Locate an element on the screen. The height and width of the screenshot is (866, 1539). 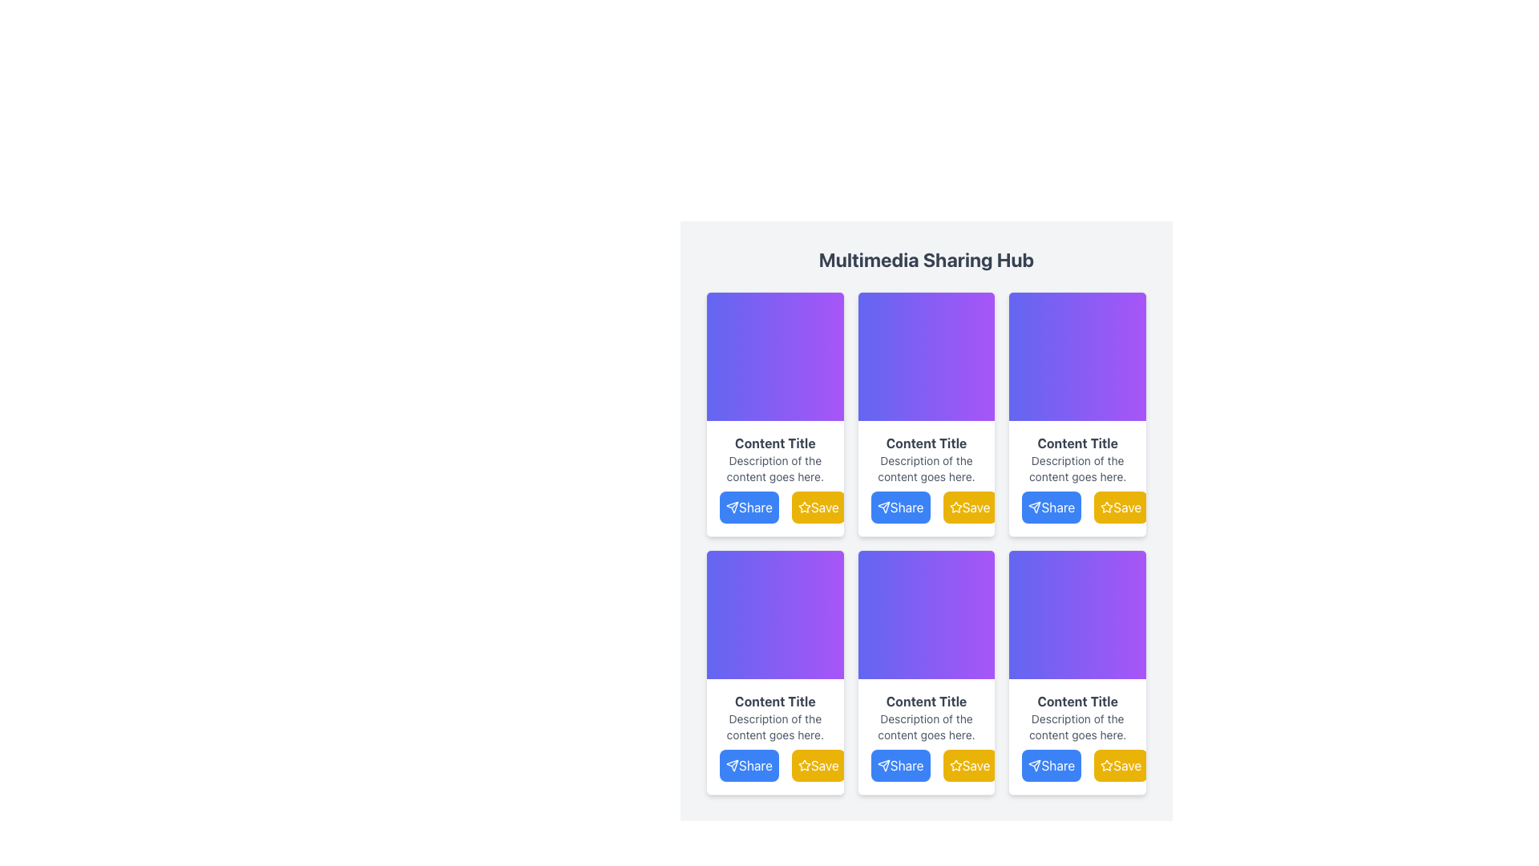
the star icon located to the right of the 'Share' button in the 'Save' button area of the second card in the first row of the grid layout to rate or highlight the content is located at coordinates (804, 507).